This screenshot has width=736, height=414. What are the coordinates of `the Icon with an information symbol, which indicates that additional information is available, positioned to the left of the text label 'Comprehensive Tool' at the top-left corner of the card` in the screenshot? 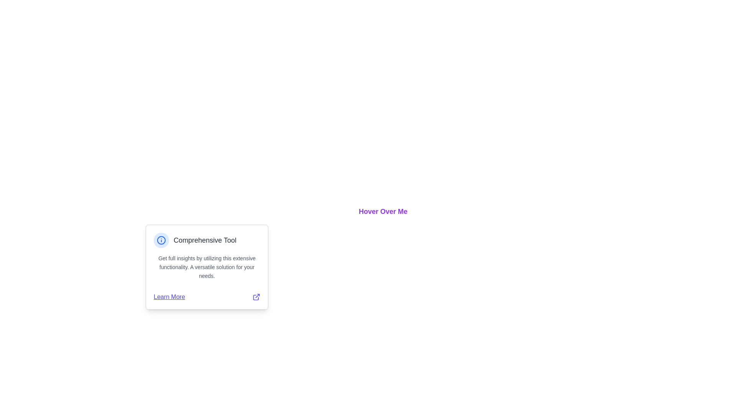 It's located at (161, 240).